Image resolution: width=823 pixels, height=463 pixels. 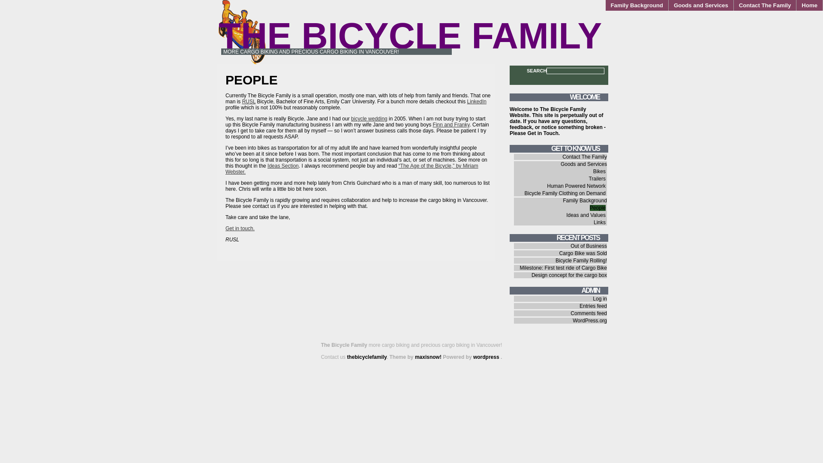 I want to click on 'THE BICYCLE FAMILY', so click(x=409, y=35).